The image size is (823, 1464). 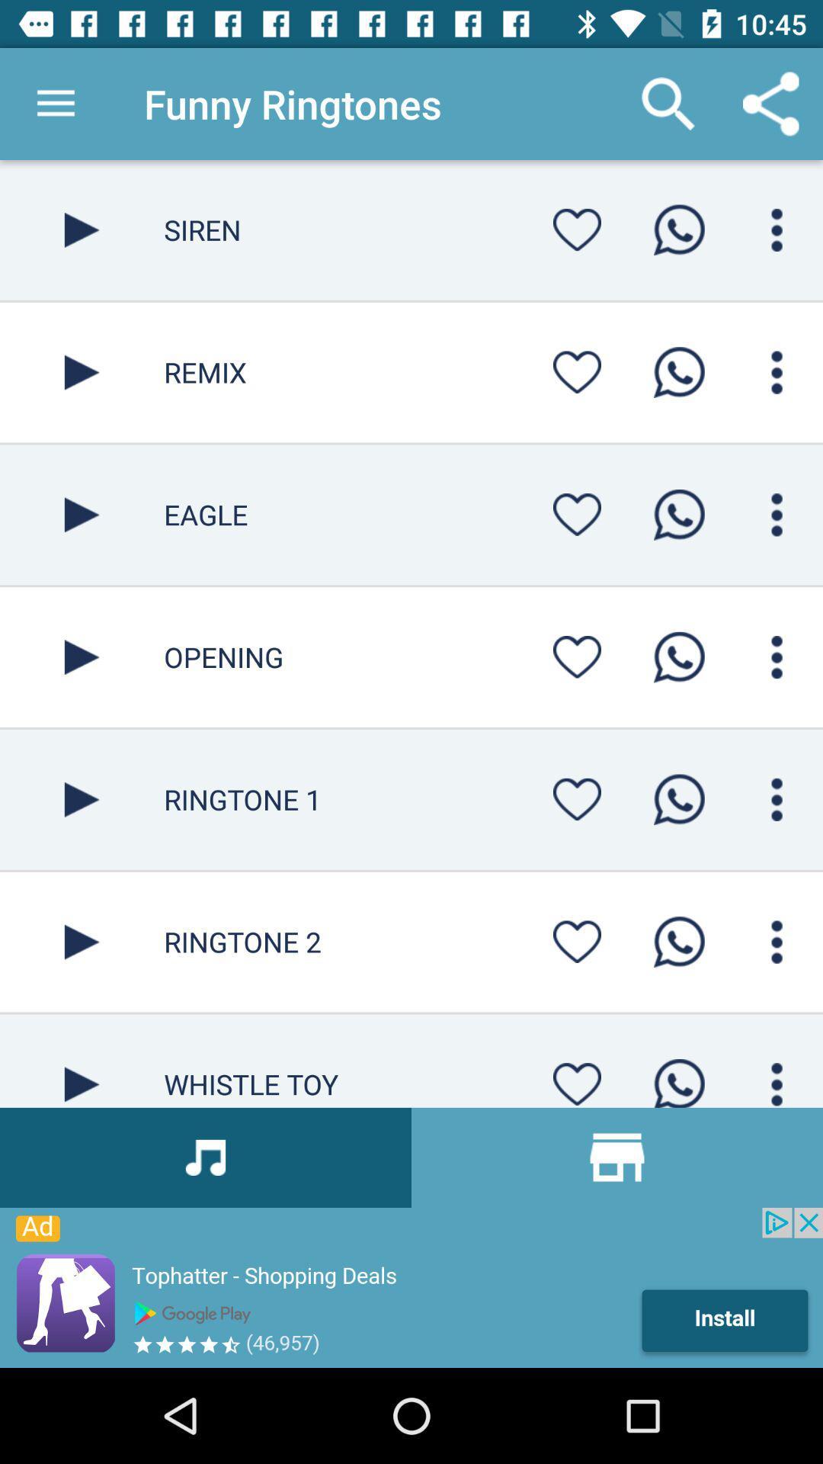 I want to click on button, so click(x=82, y=229).